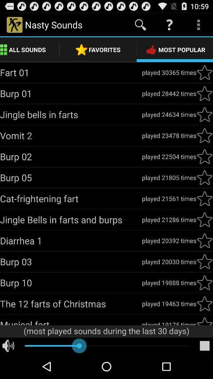  Describe the element at coordinates (204, 72) in the screenshot. I see `mark as favorite` at that location.